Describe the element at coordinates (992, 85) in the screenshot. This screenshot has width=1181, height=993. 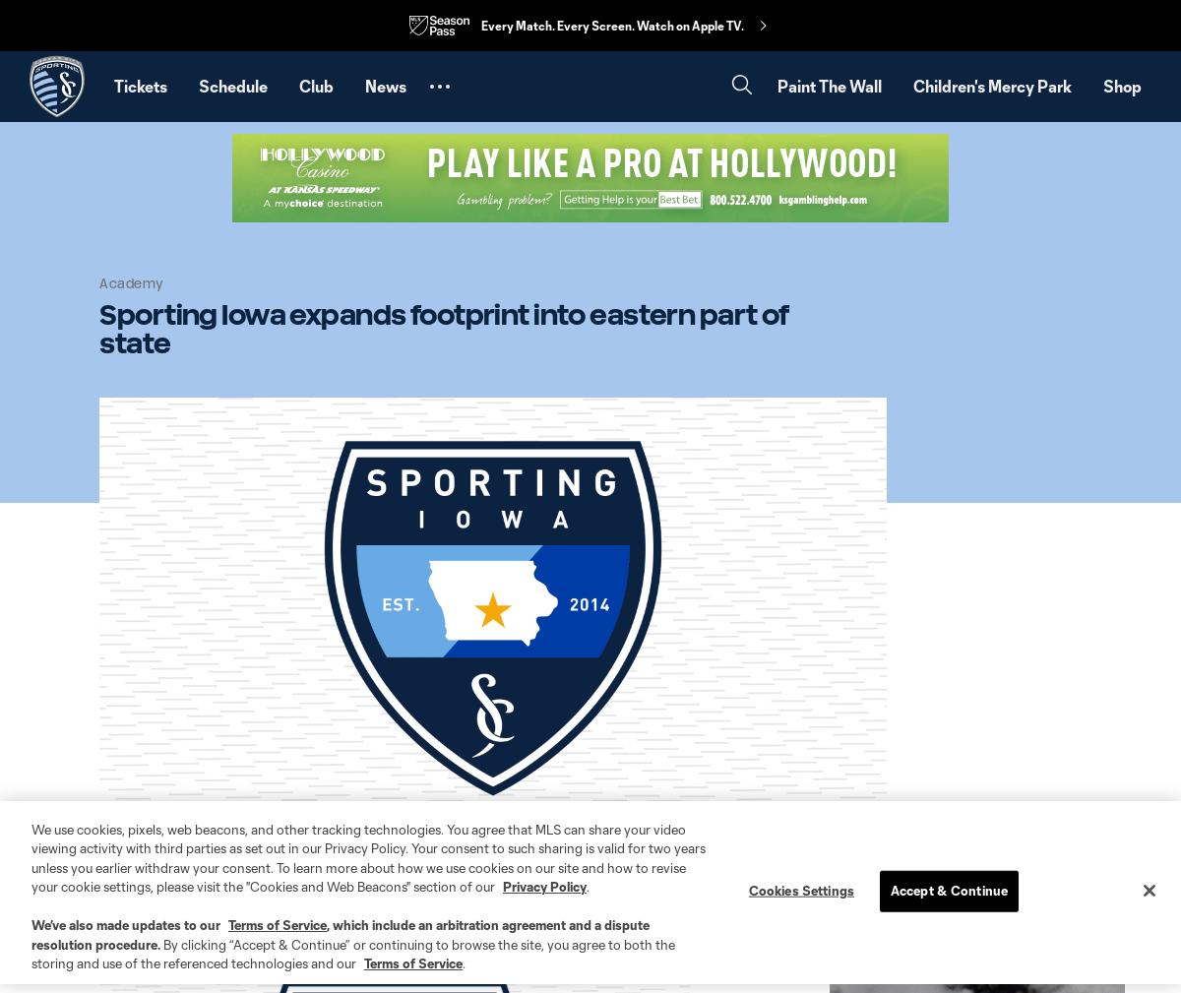
I see `'Children's Mercy Park'` at that location.